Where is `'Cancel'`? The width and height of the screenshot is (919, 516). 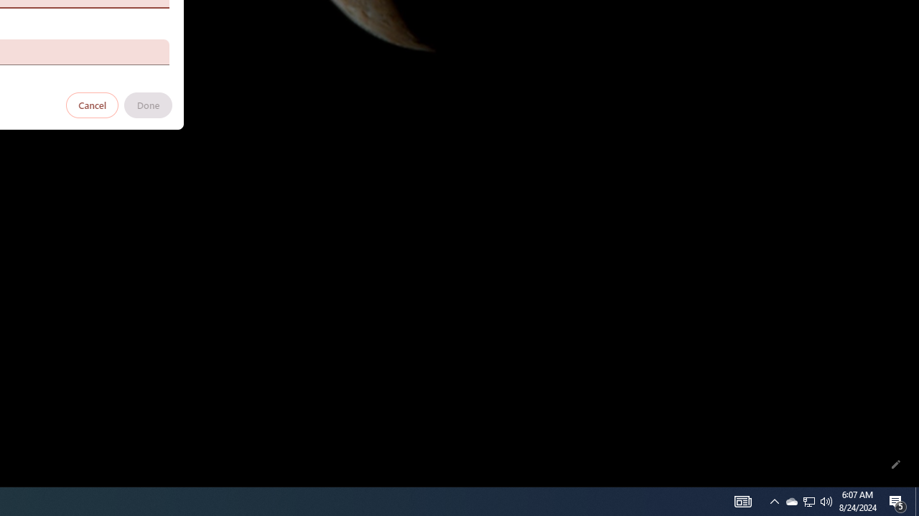
'Cancel' is located at coordinates (92, 104).